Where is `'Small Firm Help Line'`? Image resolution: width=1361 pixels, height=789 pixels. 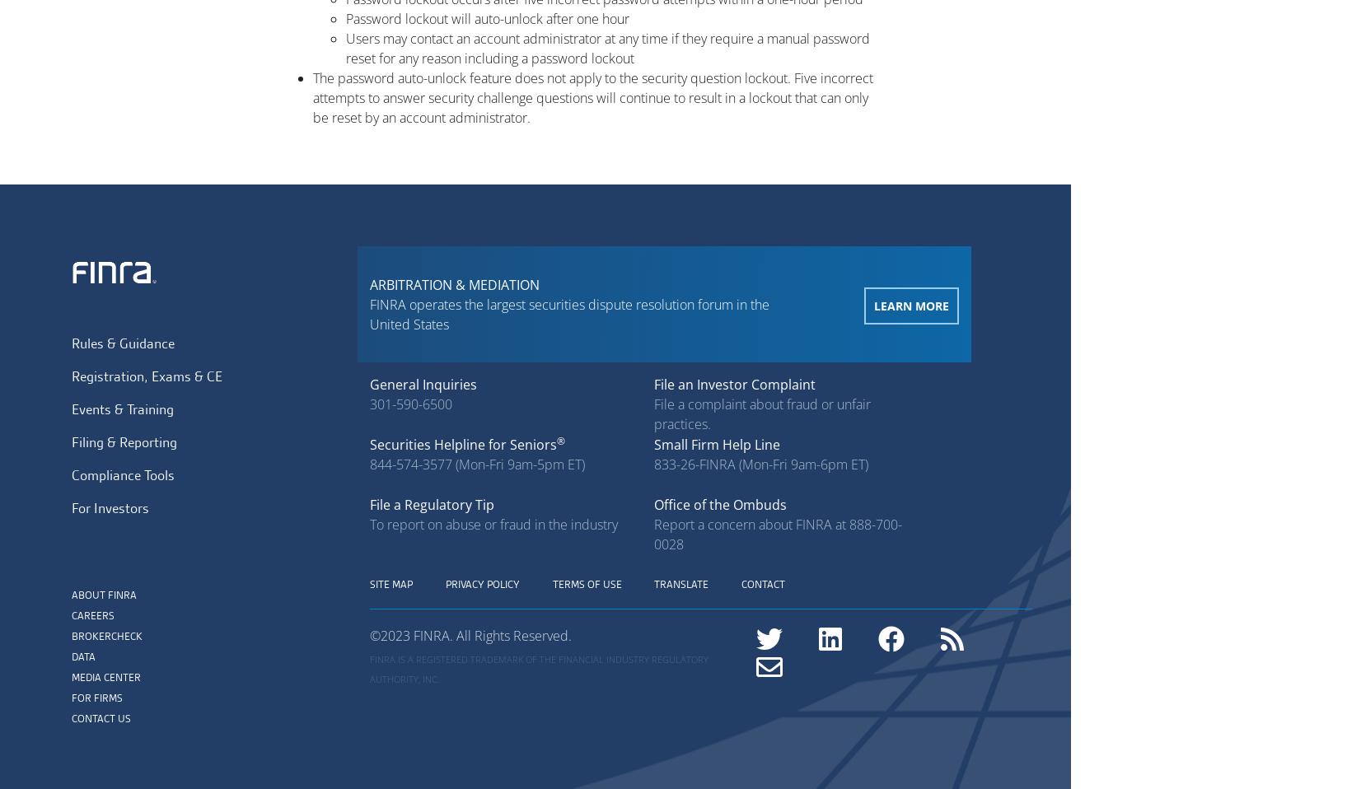
'Small Firm Help Line' is located at coordinates (716, 444).